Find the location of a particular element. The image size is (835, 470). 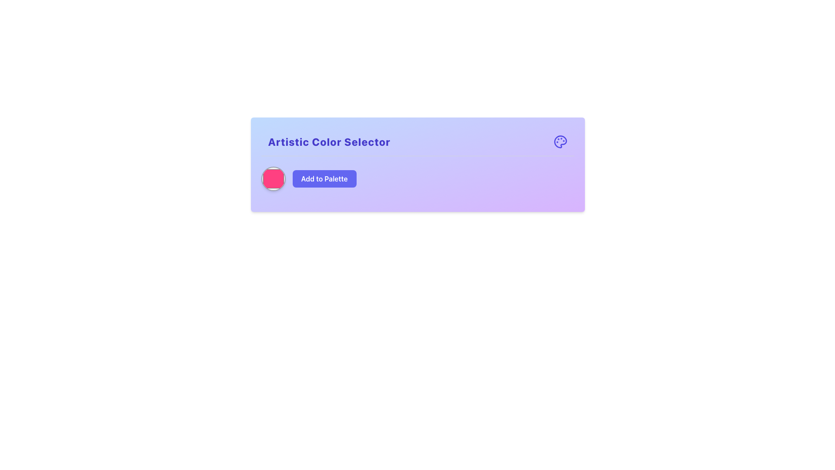

the painter's palette icon located in the upper right section of the header, adjacent to the 'Artistic Color Selector' text is located at coordinates (560, 141).